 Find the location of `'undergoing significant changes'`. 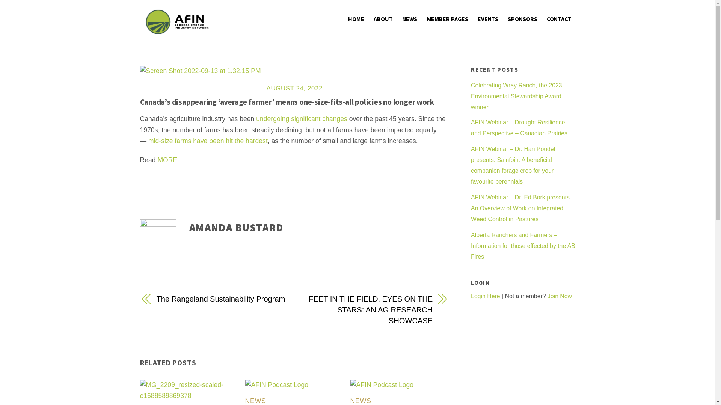

'undergoing significant changes' is located at coordinates (302, 118).